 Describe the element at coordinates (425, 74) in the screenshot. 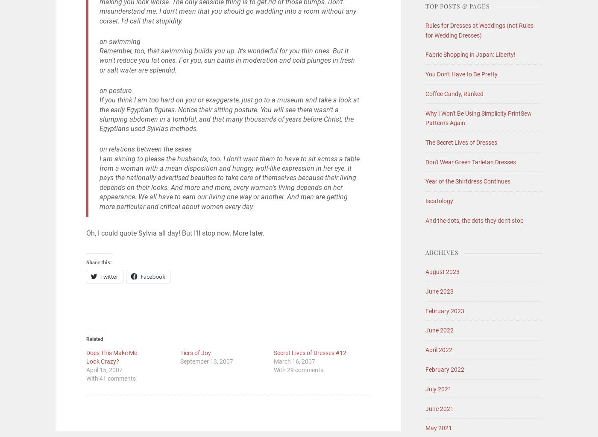

I see `'You Don't Have to Be Pretty'` at that location.